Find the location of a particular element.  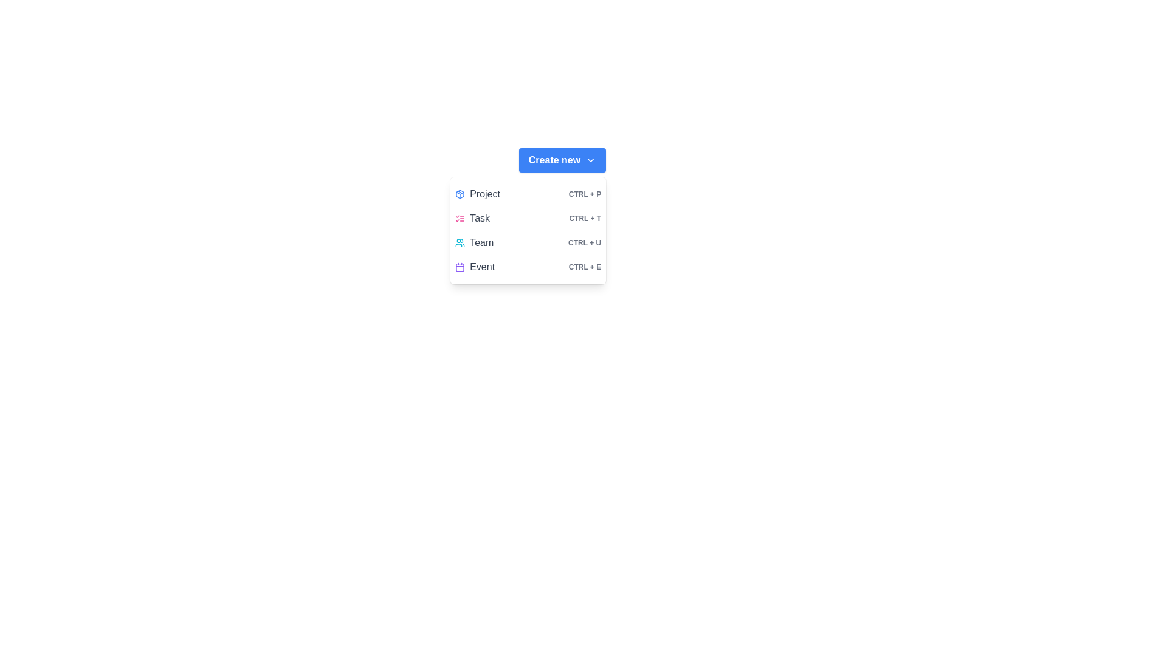

the 'Team' menu item in the vertical list of options is located at coordinates (528, 243).